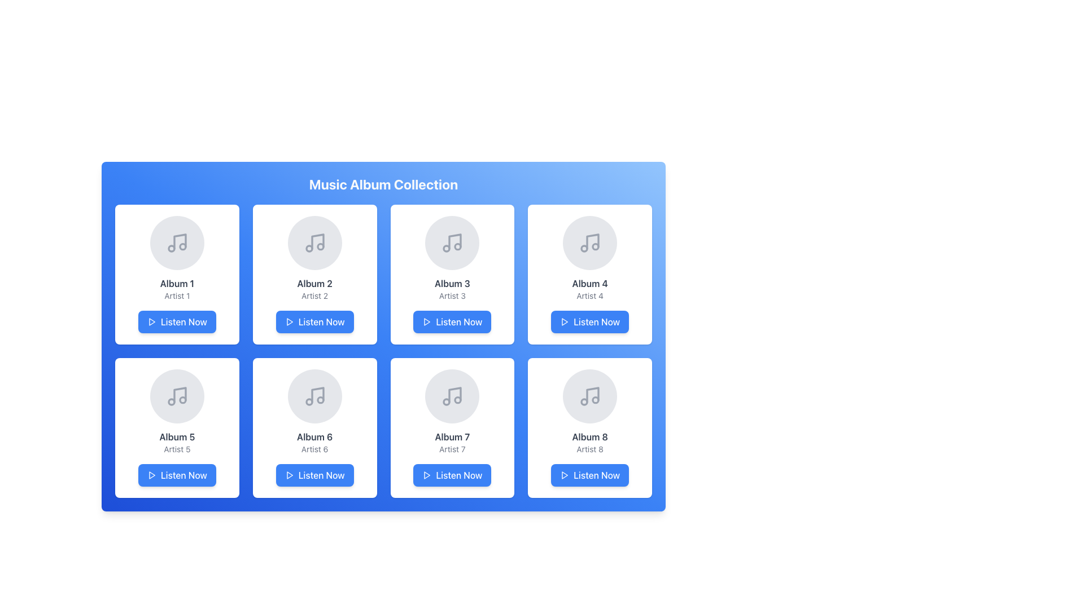 The width and height of the screenshot is (1084, 609). Describe the element at coordinates (176, 283) in the screenshot. I see `the text label displaying the title of the album located in the first card at the top-left corner of the grid layout` at that location.